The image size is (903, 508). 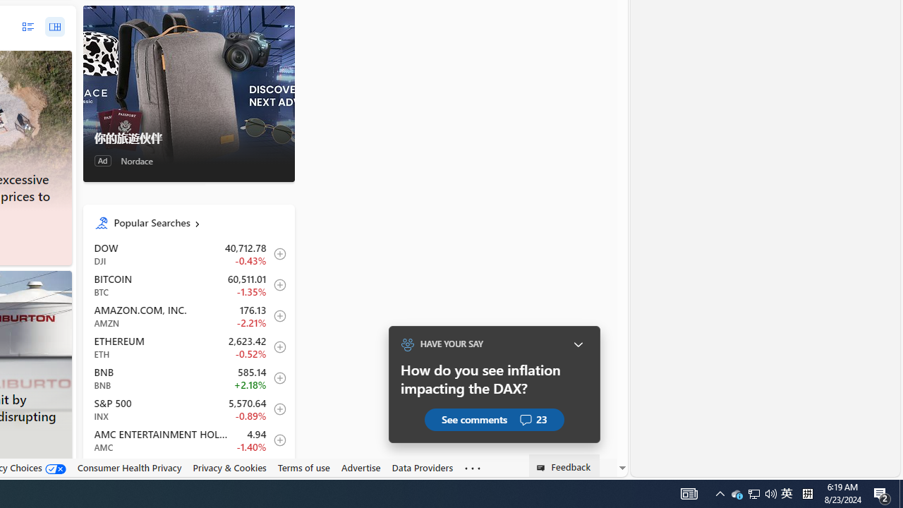 I want to click on 'ETH Ethereum decrease 2,623.42 -13.69 -0.52% itemundefined', so click(x=188, y=347).